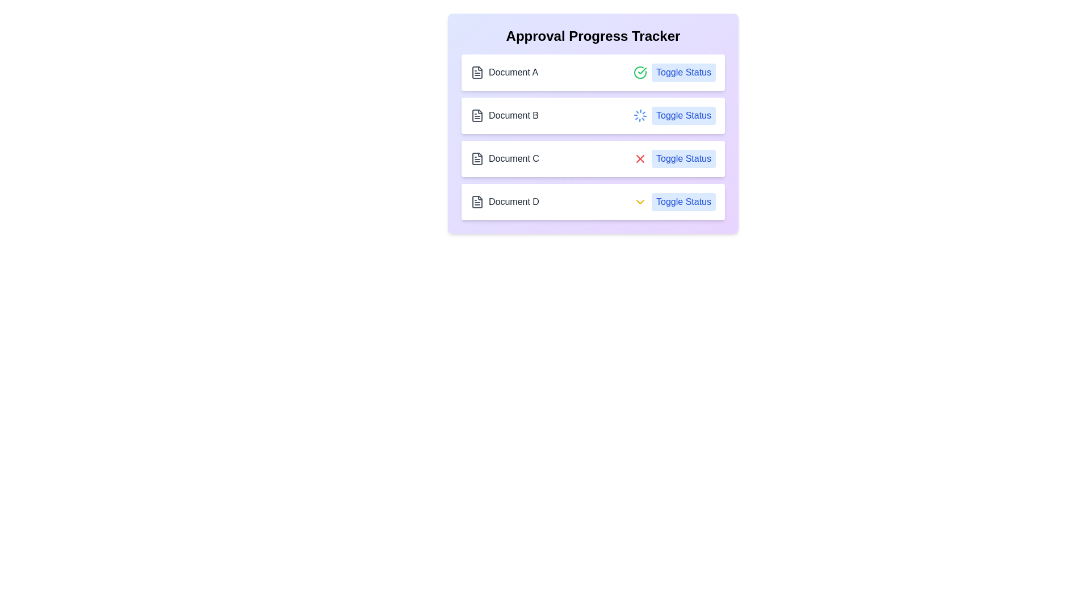 Image resolution: width=1090 pixels, height=613 pixels. What do you see at coordinates (504, 159) in the screenshot?
I see `the static text label indicating the name or title of the document in the third row of the 'Approval Progress Tracker' interface, located between 'Document B' and 'Document D'` at bounding box center [504, 159].